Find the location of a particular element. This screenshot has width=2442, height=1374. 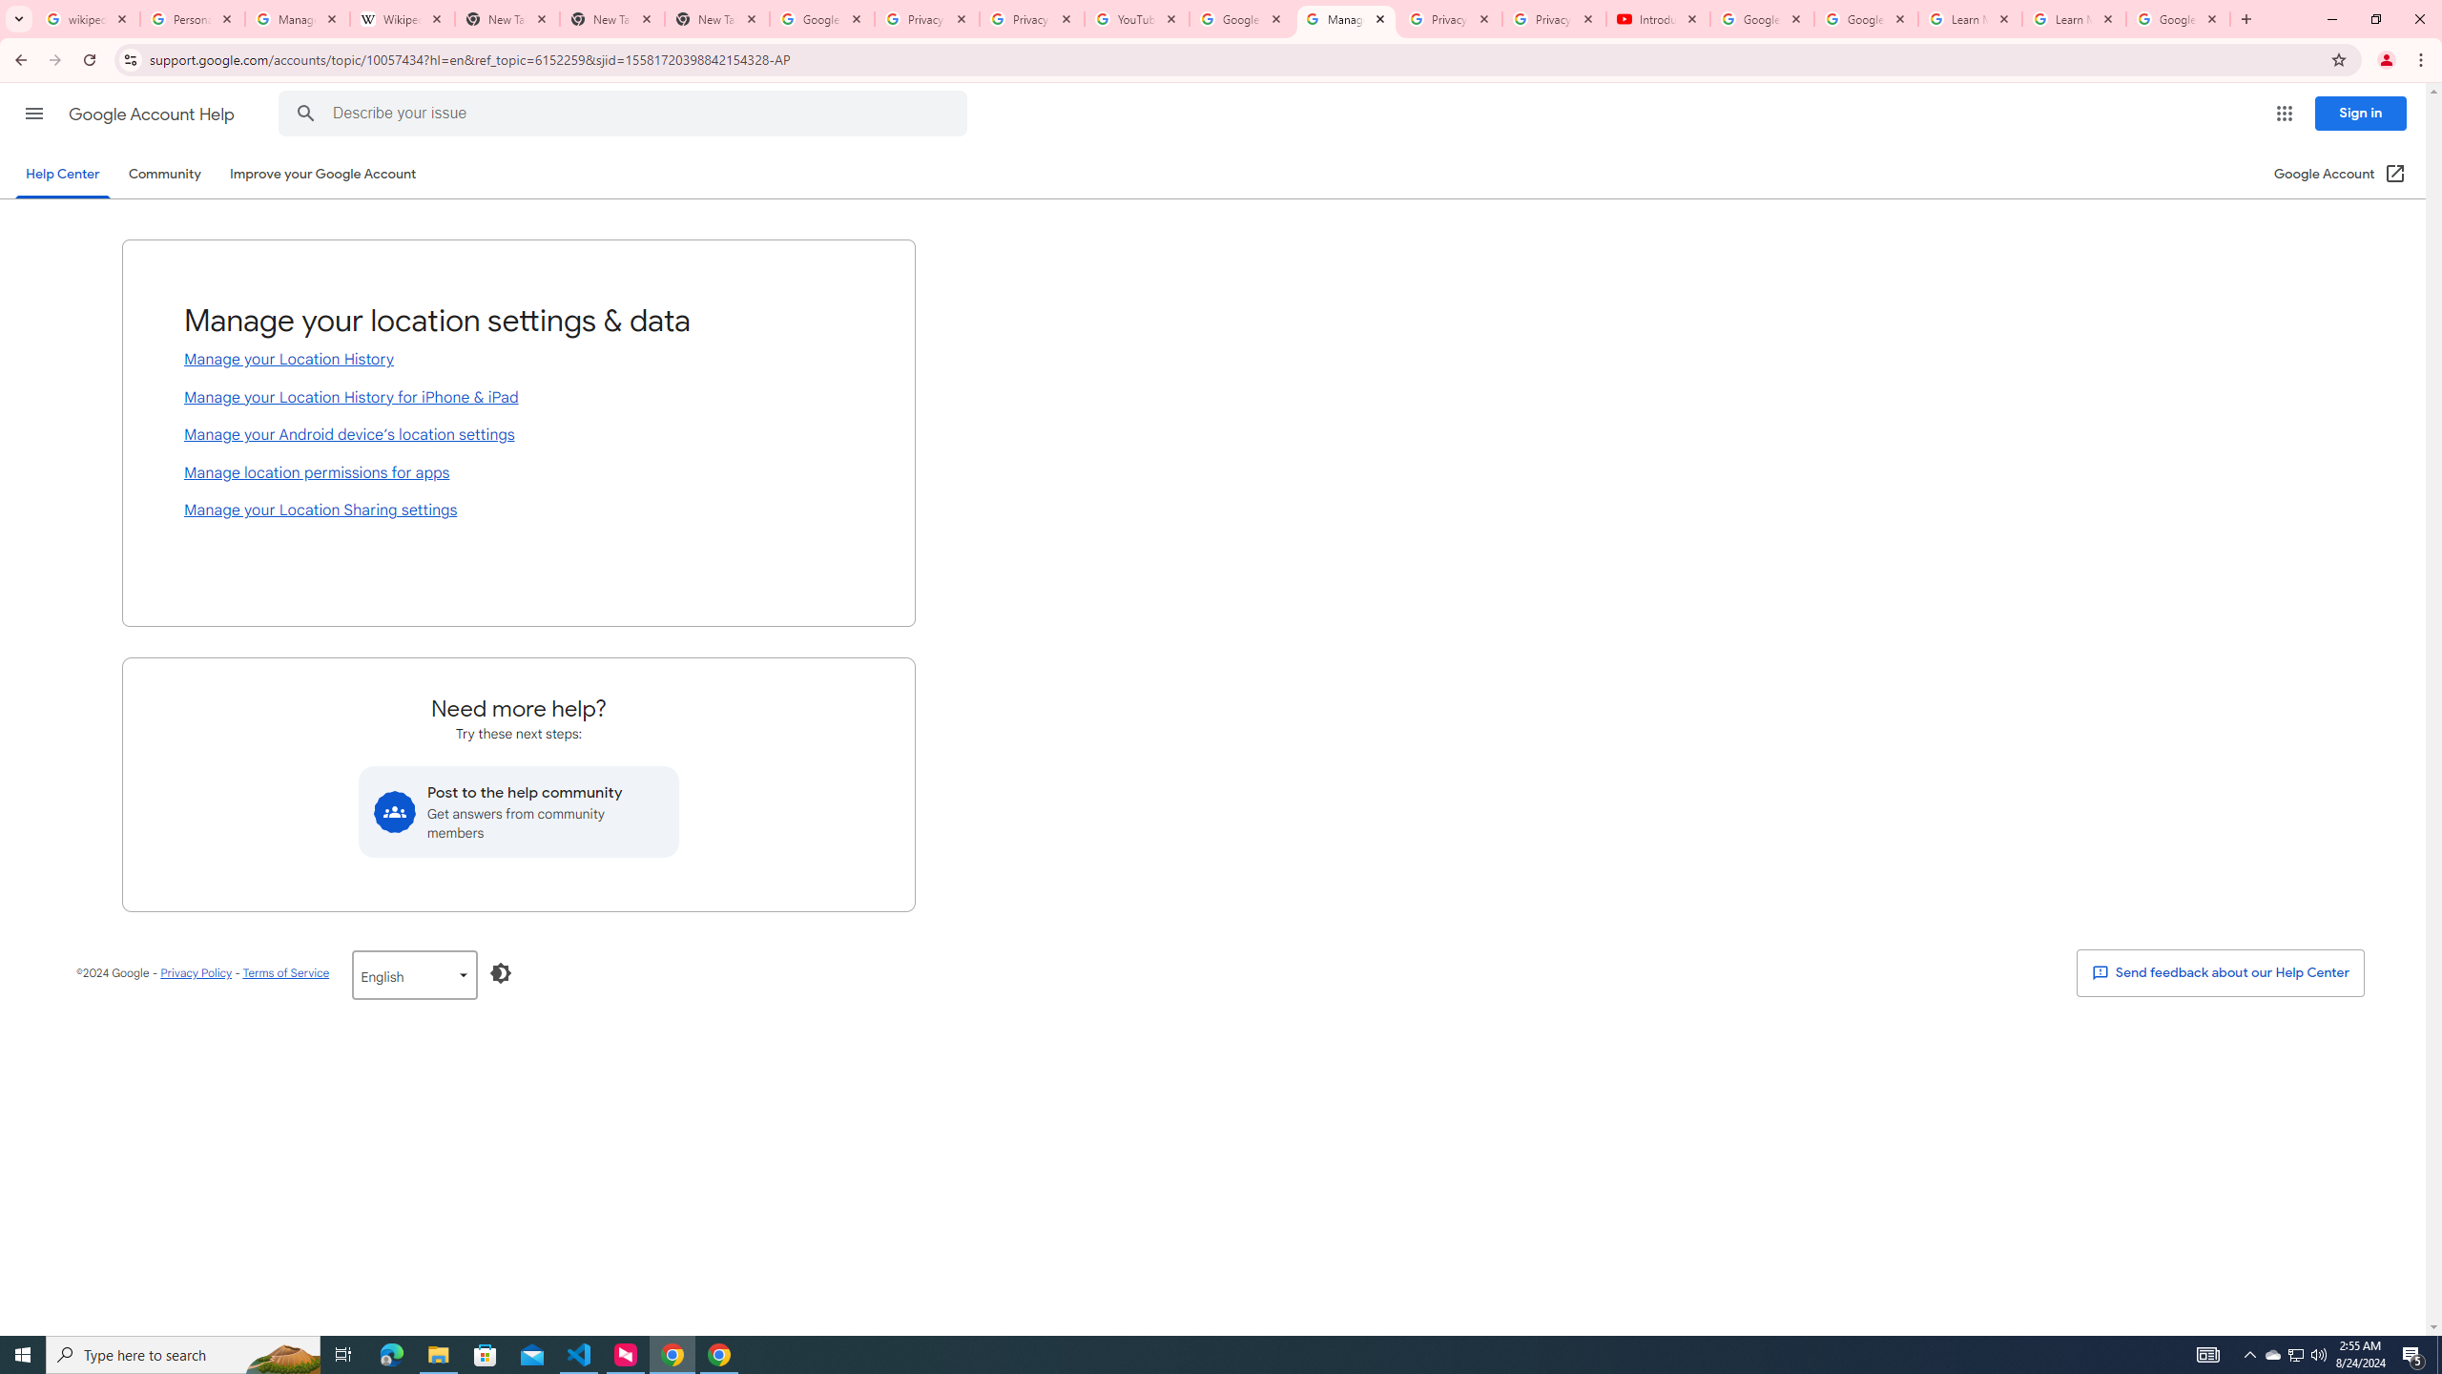

'Manage your Location History - Google Search Help' is located at coordinates (297, 18).